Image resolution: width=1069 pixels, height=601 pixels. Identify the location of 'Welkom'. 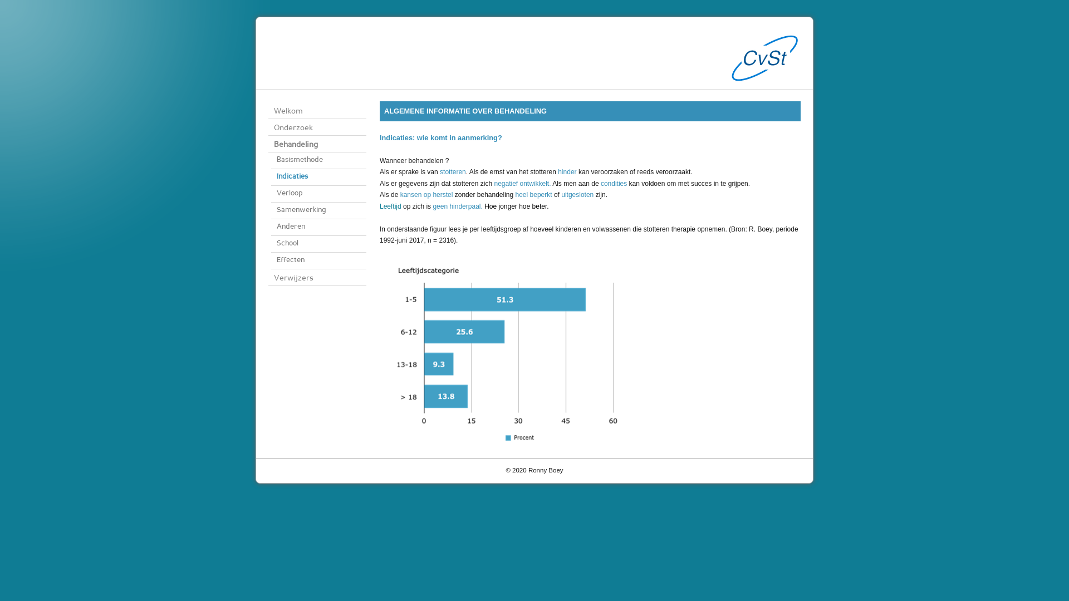
(317, 111).